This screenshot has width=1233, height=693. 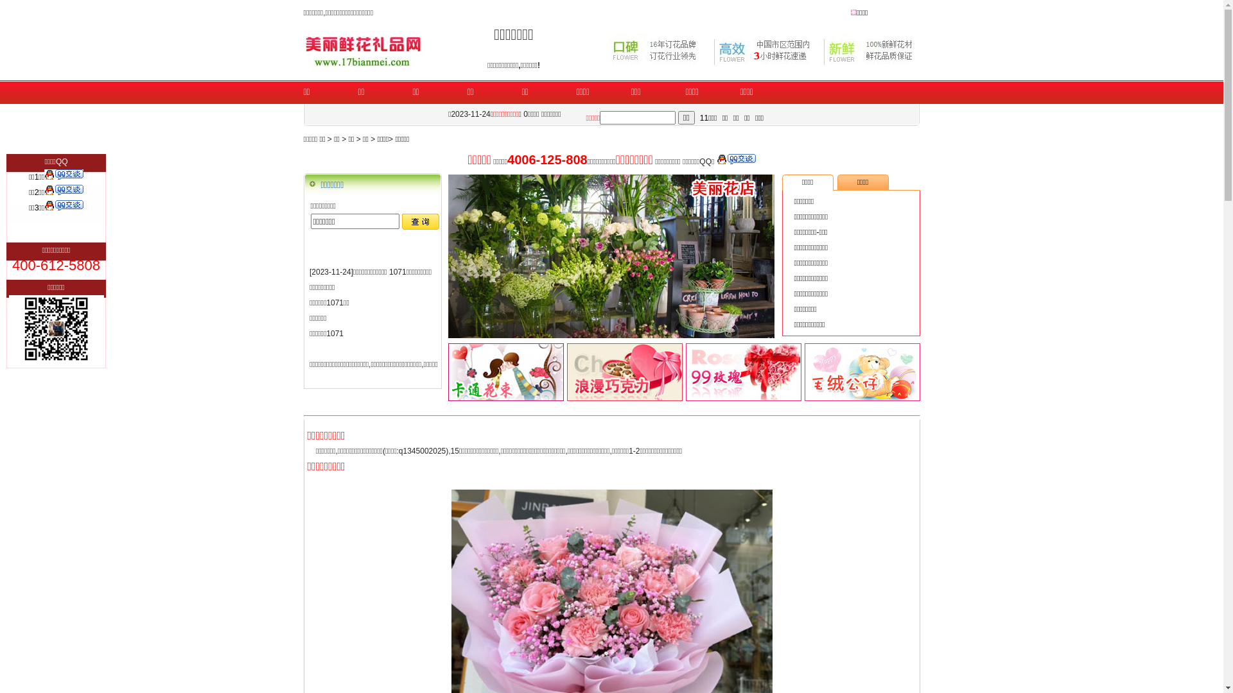 What do you see at coordinates (63, 177) in the screenshot?
I see `'QQ:554243866'` at bounding box center [63, 177].